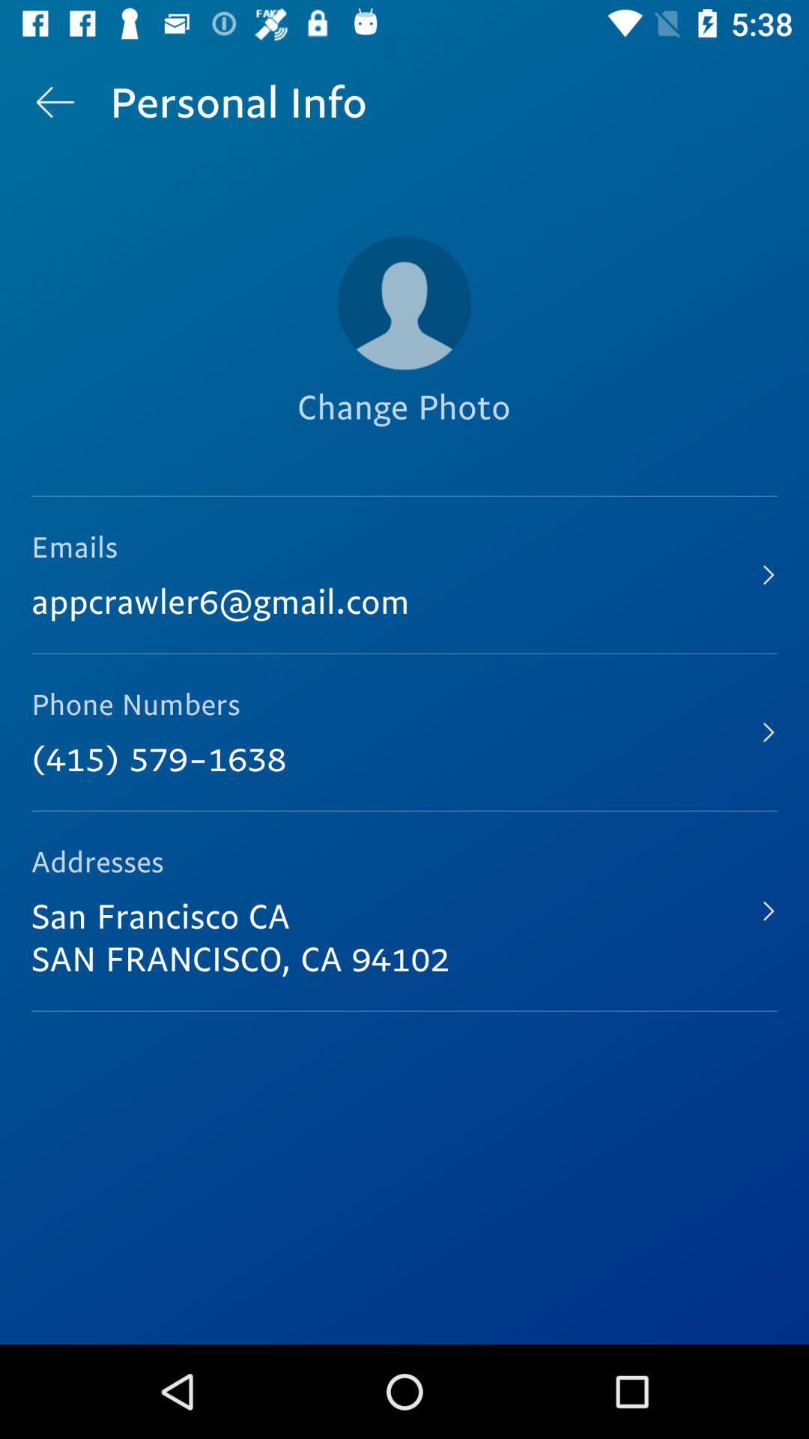 The height and width of the screenshot is (1439, 809). I want to click on icon next to the personal info, so click(54, 101).